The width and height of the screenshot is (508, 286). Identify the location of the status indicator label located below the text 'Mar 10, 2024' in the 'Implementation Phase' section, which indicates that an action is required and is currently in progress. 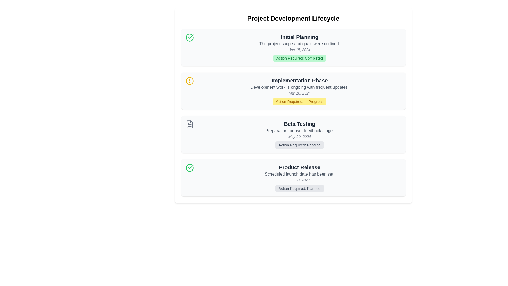
(300, 102).